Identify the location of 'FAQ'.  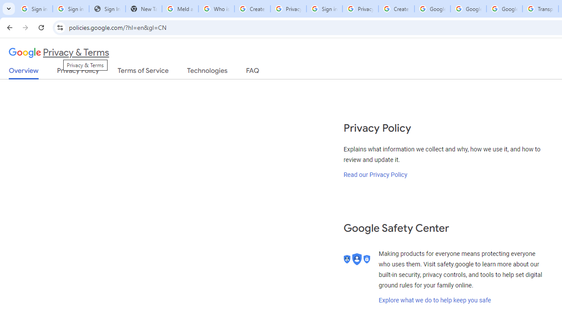
(252, 72).